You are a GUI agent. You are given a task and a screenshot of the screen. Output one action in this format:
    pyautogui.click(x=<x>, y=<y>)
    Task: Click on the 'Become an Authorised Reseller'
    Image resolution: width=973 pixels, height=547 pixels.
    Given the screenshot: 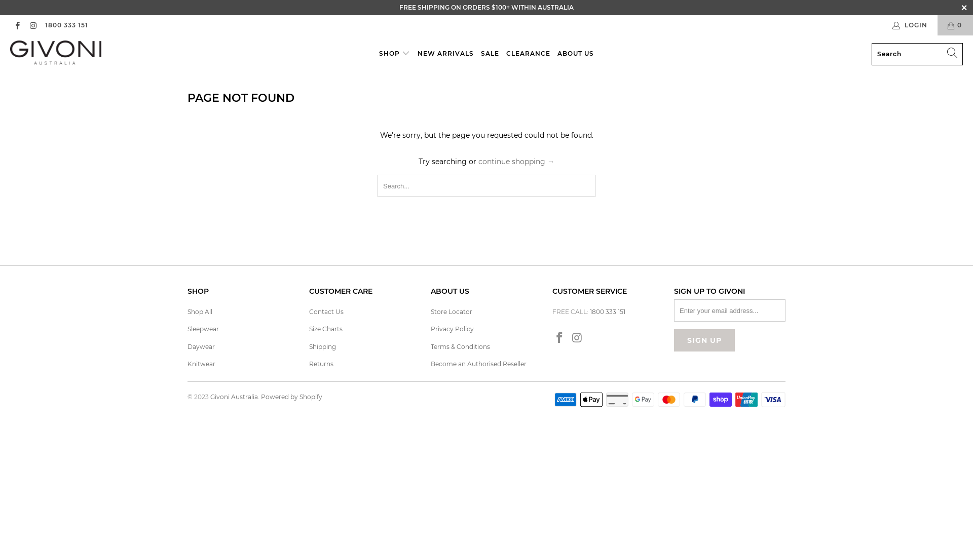 What is the action you would take?
    pyautogui.click(x=478, y=363)
    